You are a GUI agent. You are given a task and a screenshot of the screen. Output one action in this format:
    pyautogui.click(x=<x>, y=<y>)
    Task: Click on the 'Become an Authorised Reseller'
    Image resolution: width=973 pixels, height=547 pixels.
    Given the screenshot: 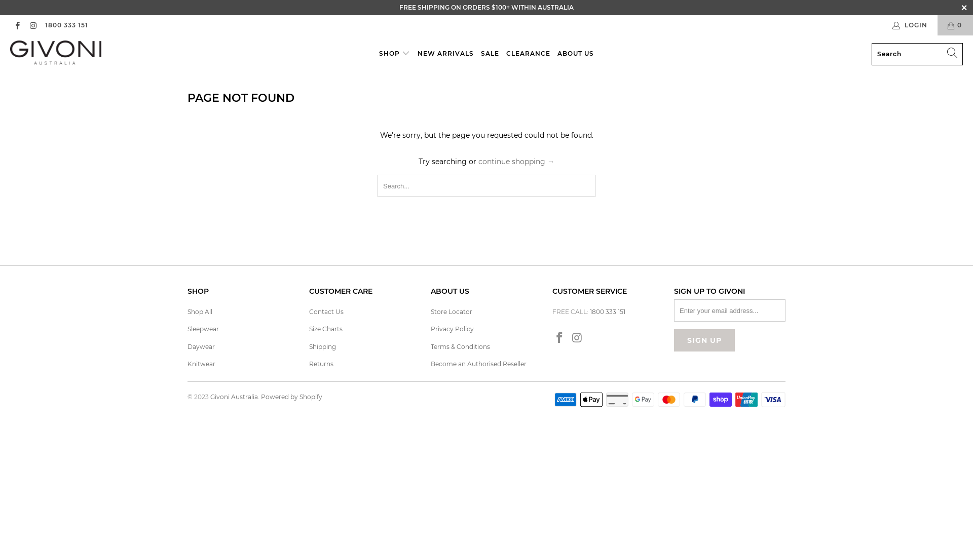 What is the action you would take?
    pyautogui.click(x=478, y=363)
    